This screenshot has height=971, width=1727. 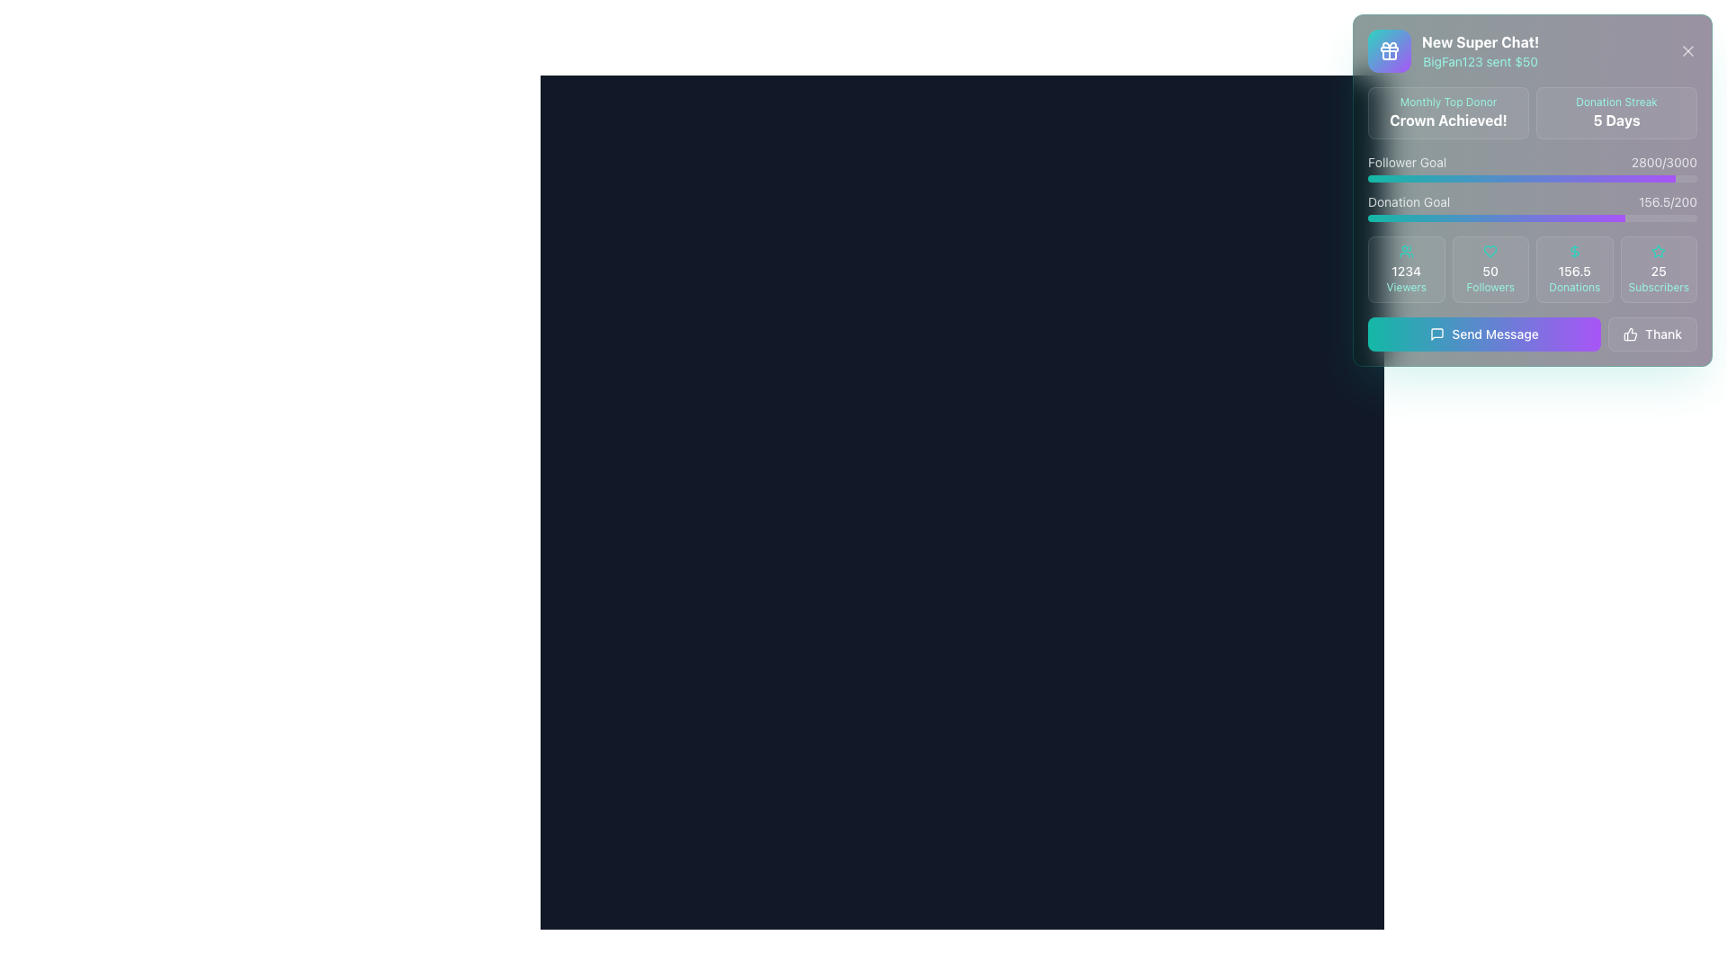 I want to click on the Progress indicator bar for the 'Donation Goal' metric, which visually represents the achieved proportion out of the total goal, so click(x=1497, y=218).